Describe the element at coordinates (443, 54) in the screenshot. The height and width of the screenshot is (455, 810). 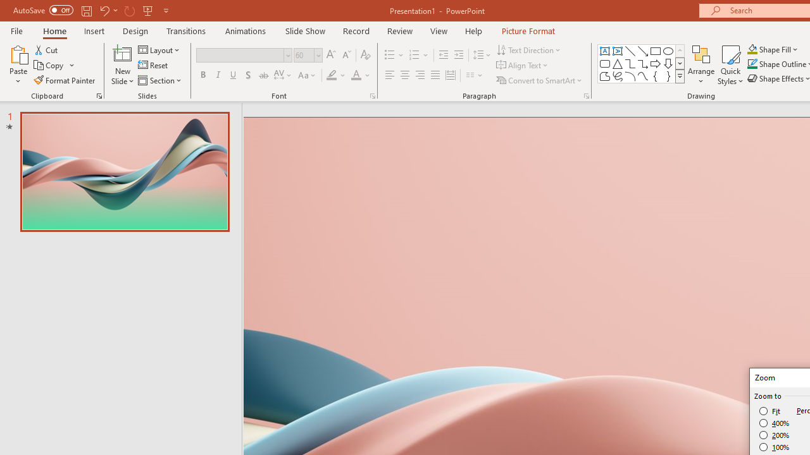
I see `'Decrease Indent'` at that location.